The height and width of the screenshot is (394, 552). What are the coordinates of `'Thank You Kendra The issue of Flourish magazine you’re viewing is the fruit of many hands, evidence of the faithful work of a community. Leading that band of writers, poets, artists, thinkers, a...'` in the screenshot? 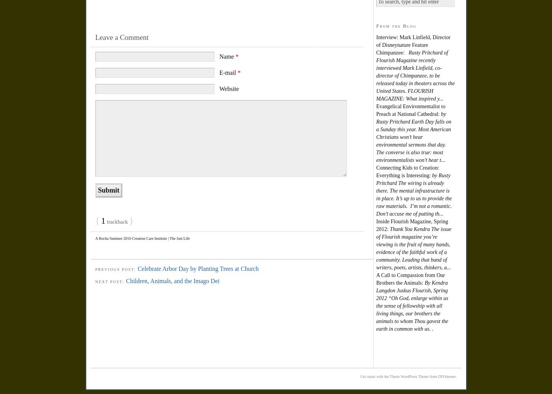 It's located at (413, 247).